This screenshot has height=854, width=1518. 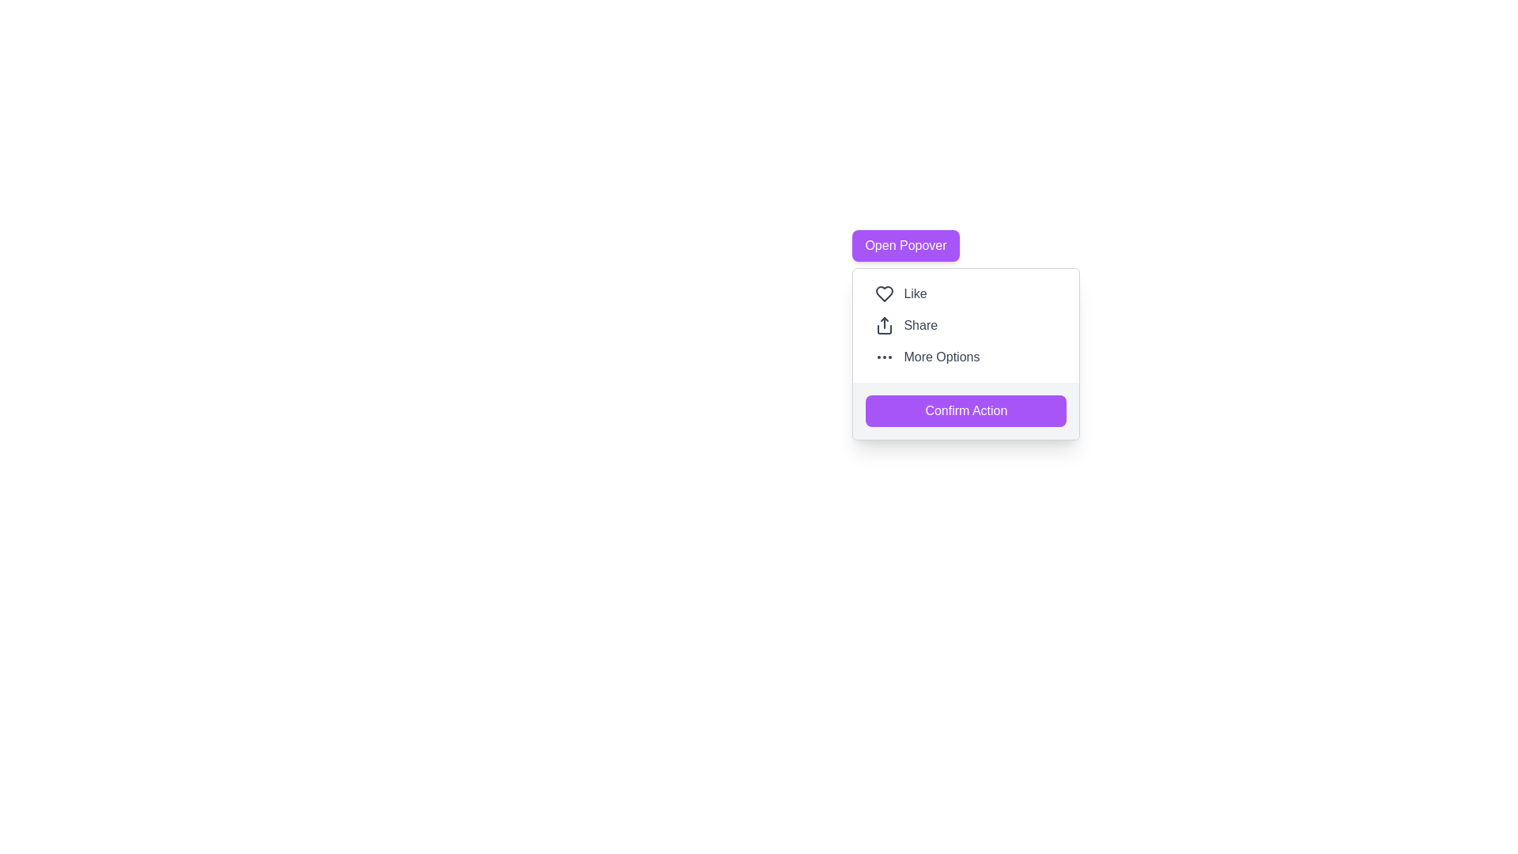 I want to click on the heart-shaped icon filled with a dark shade that represents 'Like', positioned at the top of the list within the popover component, so click(x=884, y=293).